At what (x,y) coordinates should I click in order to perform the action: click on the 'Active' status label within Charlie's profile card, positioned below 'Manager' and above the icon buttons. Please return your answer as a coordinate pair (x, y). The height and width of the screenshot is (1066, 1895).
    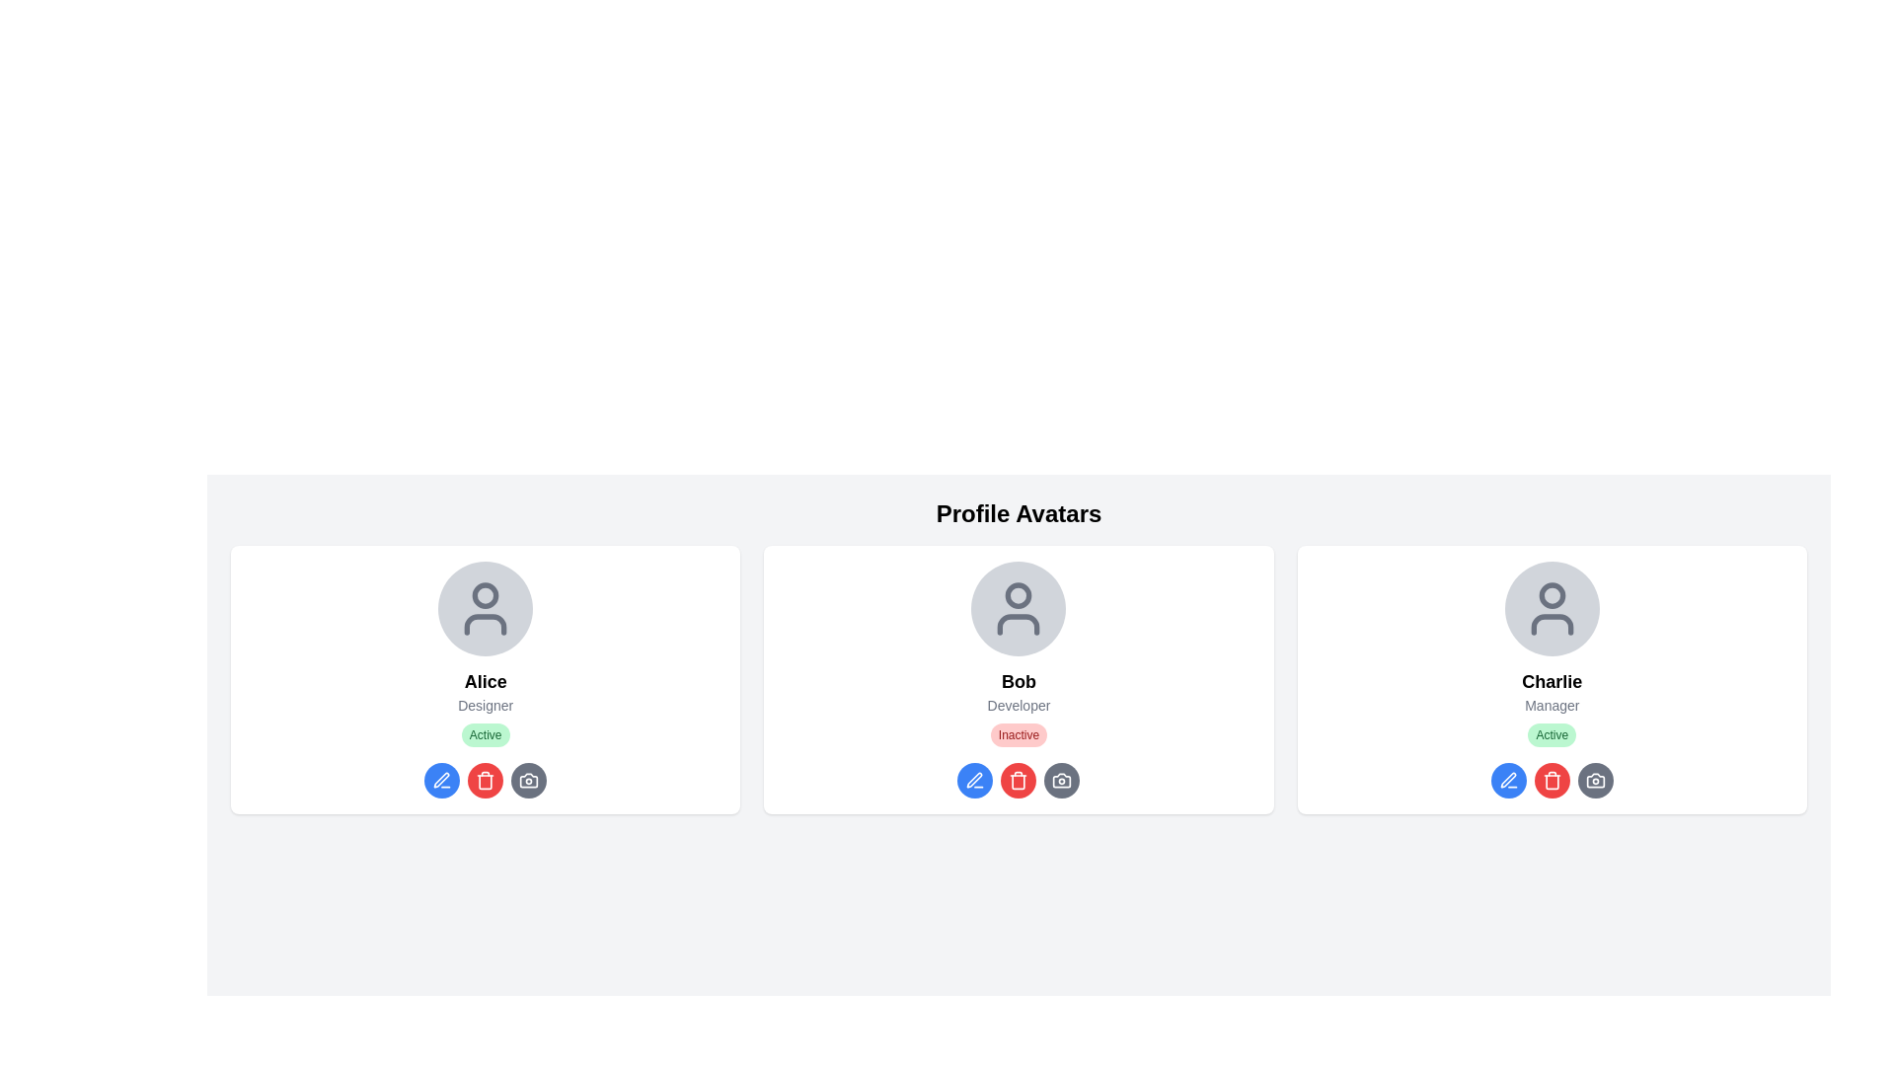
    Looking at the image, I should click on (1551, 734).